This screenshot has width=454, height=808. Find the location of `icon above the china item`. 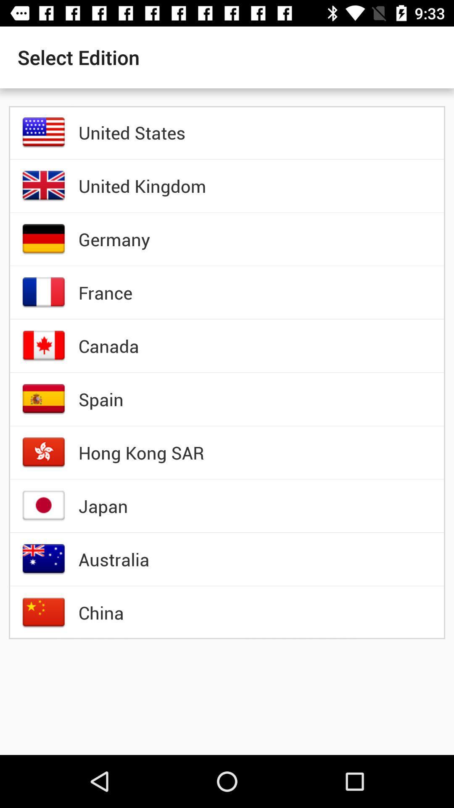

icon above the china item is located at coordinates (114, 559).